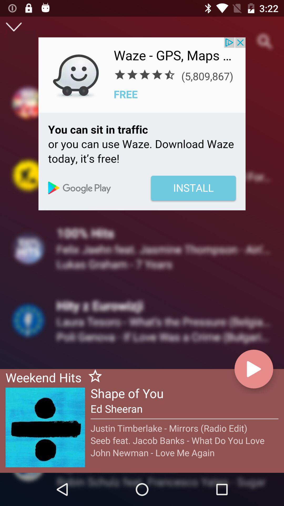 The image size is (284, 506). What do you see at coordinates (142, 123) in the screenshot?
I see `open advertisement` at bounding box center [142, 123].